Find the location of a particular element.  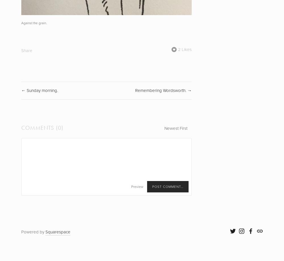

'Powered by' is located at coordinates (33, 232).